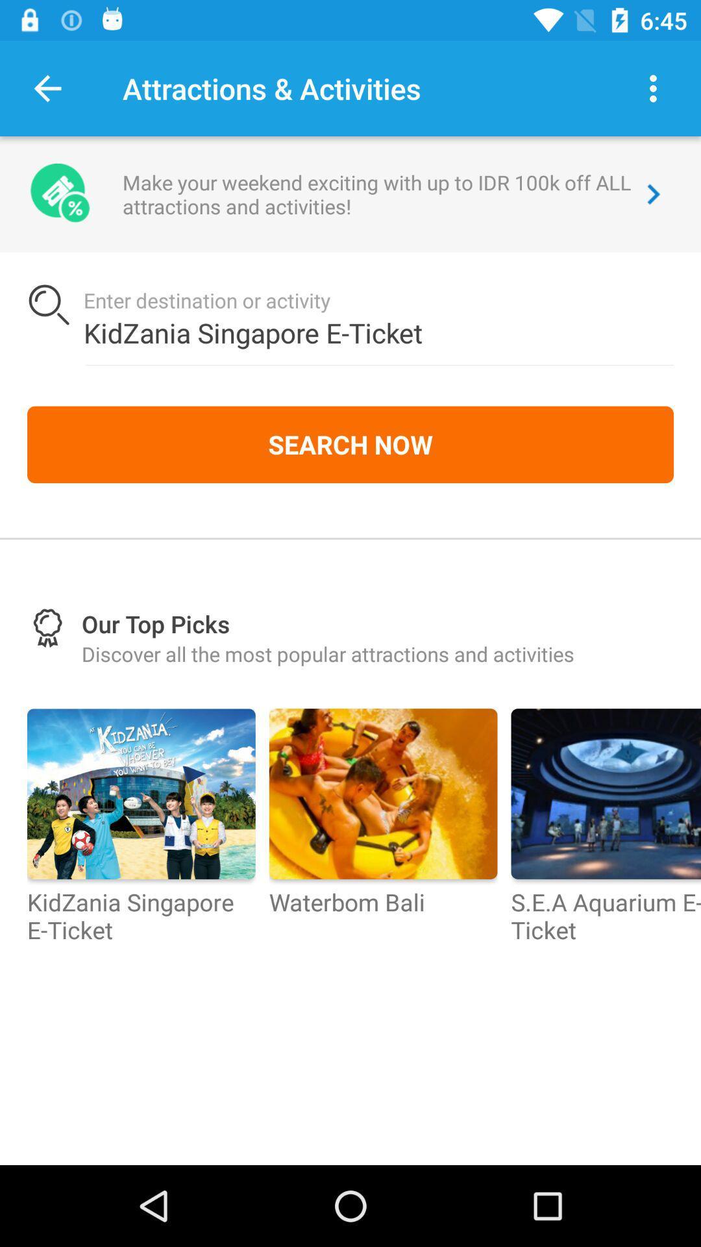  I want to click on overflow menu, so click(653, 88).